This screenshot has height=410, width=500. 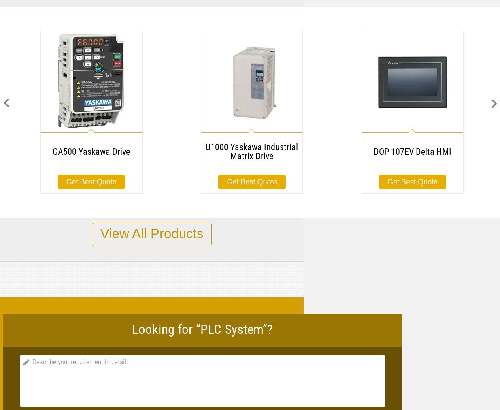 I want to click on 'Looking for “PLC System”?', so click(x=202, y=329).